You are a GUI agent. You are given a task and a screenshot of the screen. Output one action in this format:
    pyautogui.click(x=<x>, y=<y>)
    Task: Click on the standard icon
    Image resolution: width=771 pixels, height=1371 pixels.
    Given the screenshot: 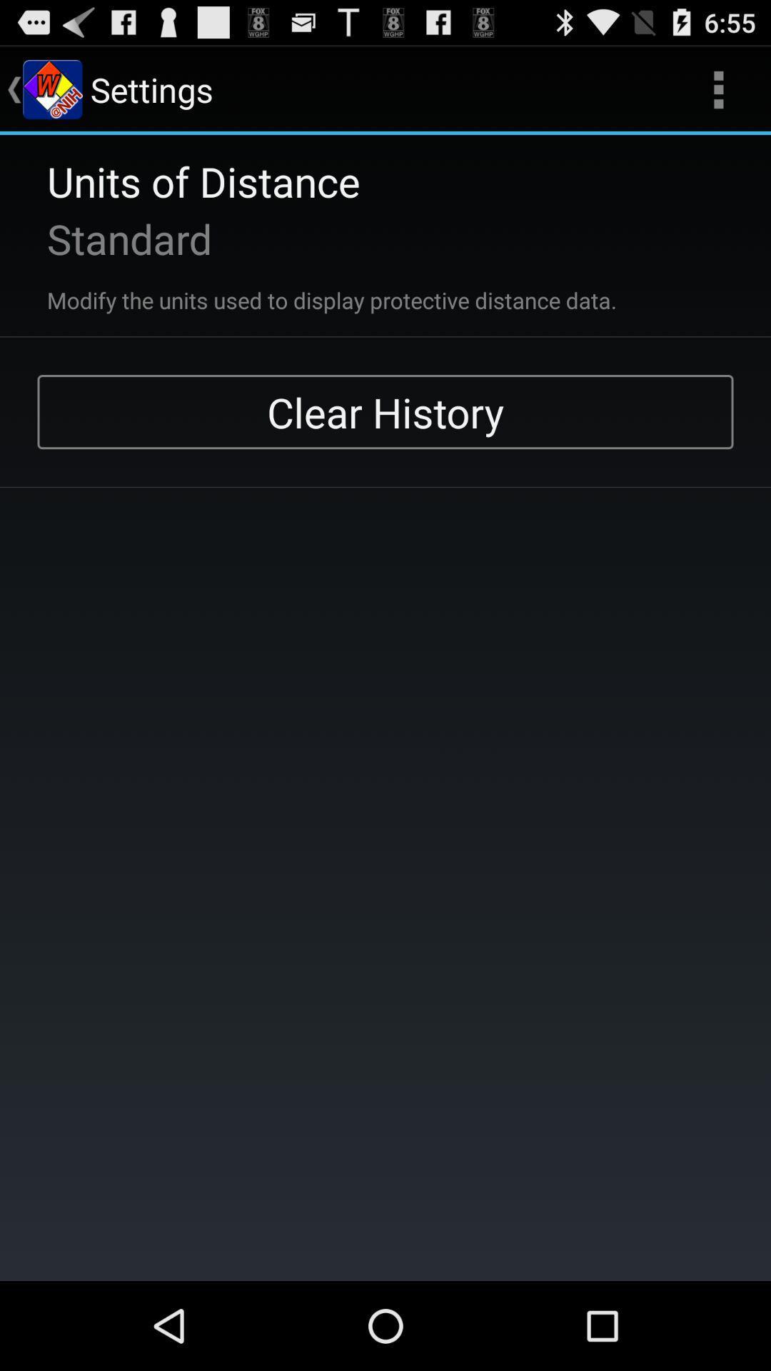 What is the action you would take?
    pyautogui.click(x=110, y=238)
    